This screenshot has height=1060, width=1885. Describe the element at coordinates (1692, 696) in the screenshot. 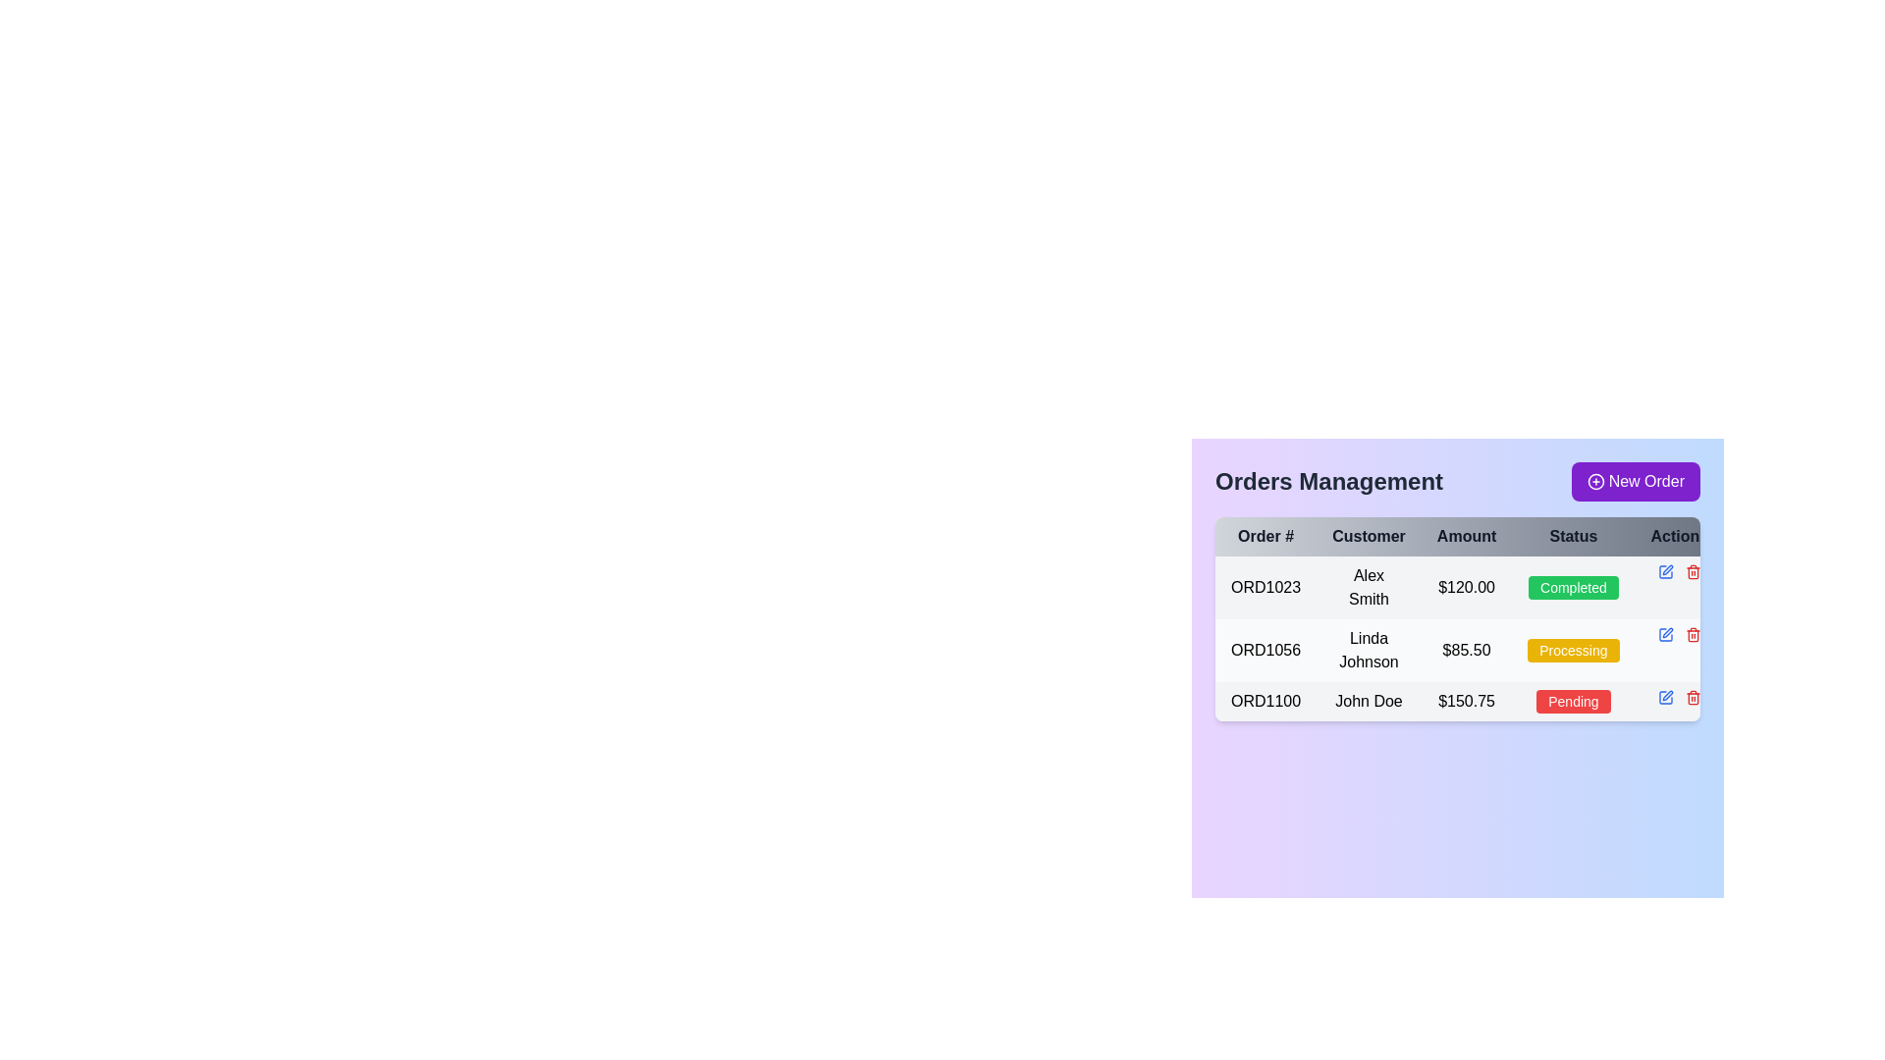

I see `the delete button located in the 'Action' column of the data table, specifically aligned with the 'Pending' status row associated with 'John Doe'` at that location.